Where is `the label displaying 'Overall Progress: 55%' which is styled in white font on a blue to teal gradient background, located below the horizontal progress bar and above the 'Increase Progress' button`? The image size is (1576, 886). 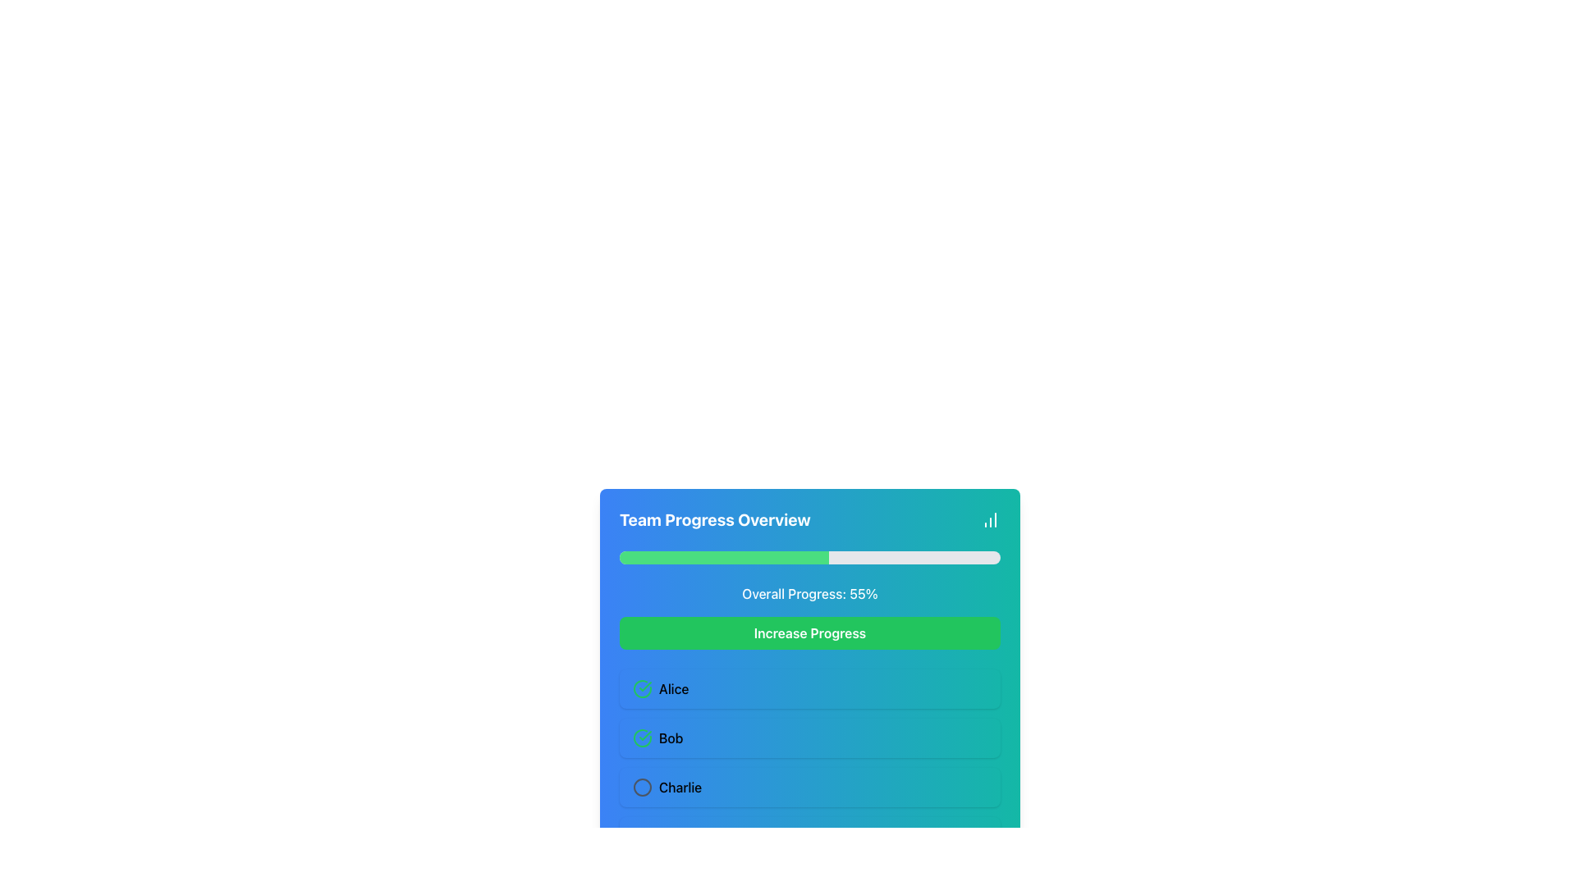
the label displaying 'Overall Progress: 55%' which is styled in white font on a blue to teal gradient background, located below the horizontal progress bar and above the 'Increase Progress' button is located at coordinates (810, 594).